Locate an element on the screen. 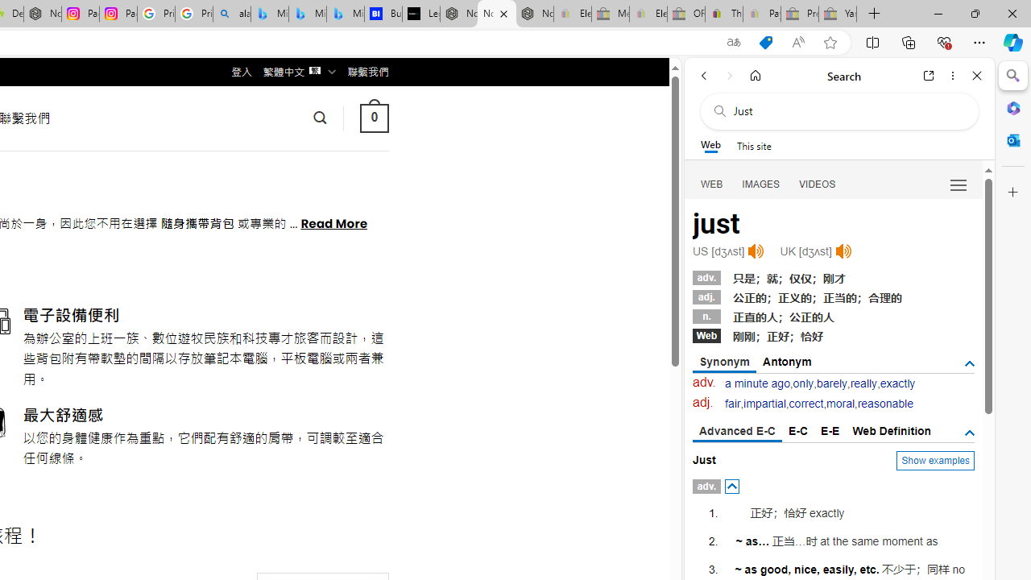  'alabama high school quarterback dies - Search' is located at coordinates (231, 14).